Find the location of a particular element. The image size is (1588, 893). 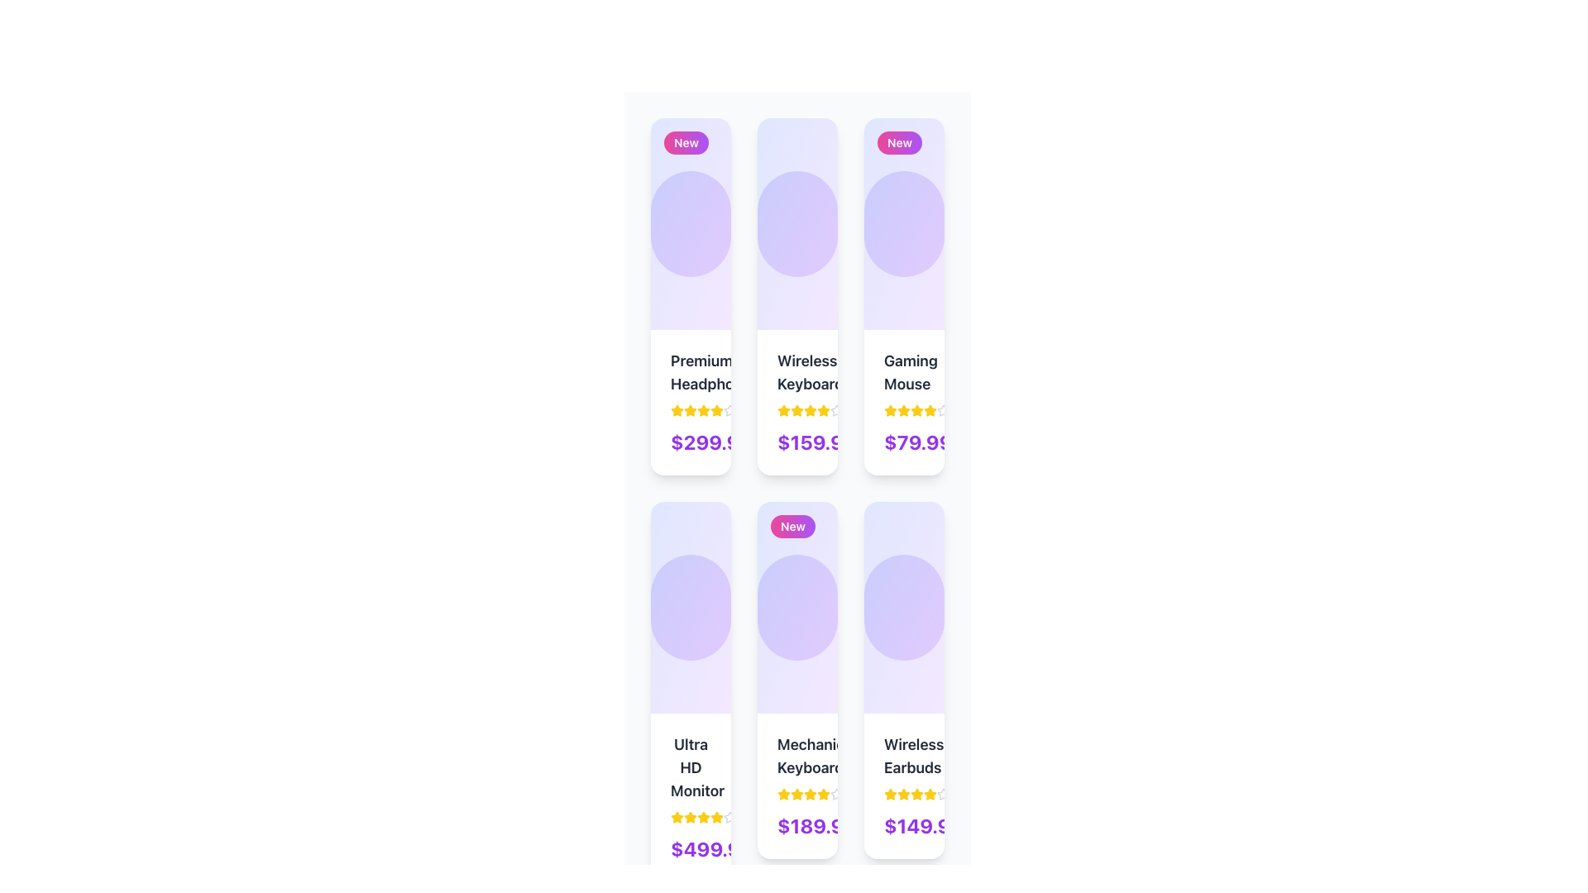

the fifth star icon in the star rating system for the product 'Ultra HD Monitor' is located at coordinates (703, 816).